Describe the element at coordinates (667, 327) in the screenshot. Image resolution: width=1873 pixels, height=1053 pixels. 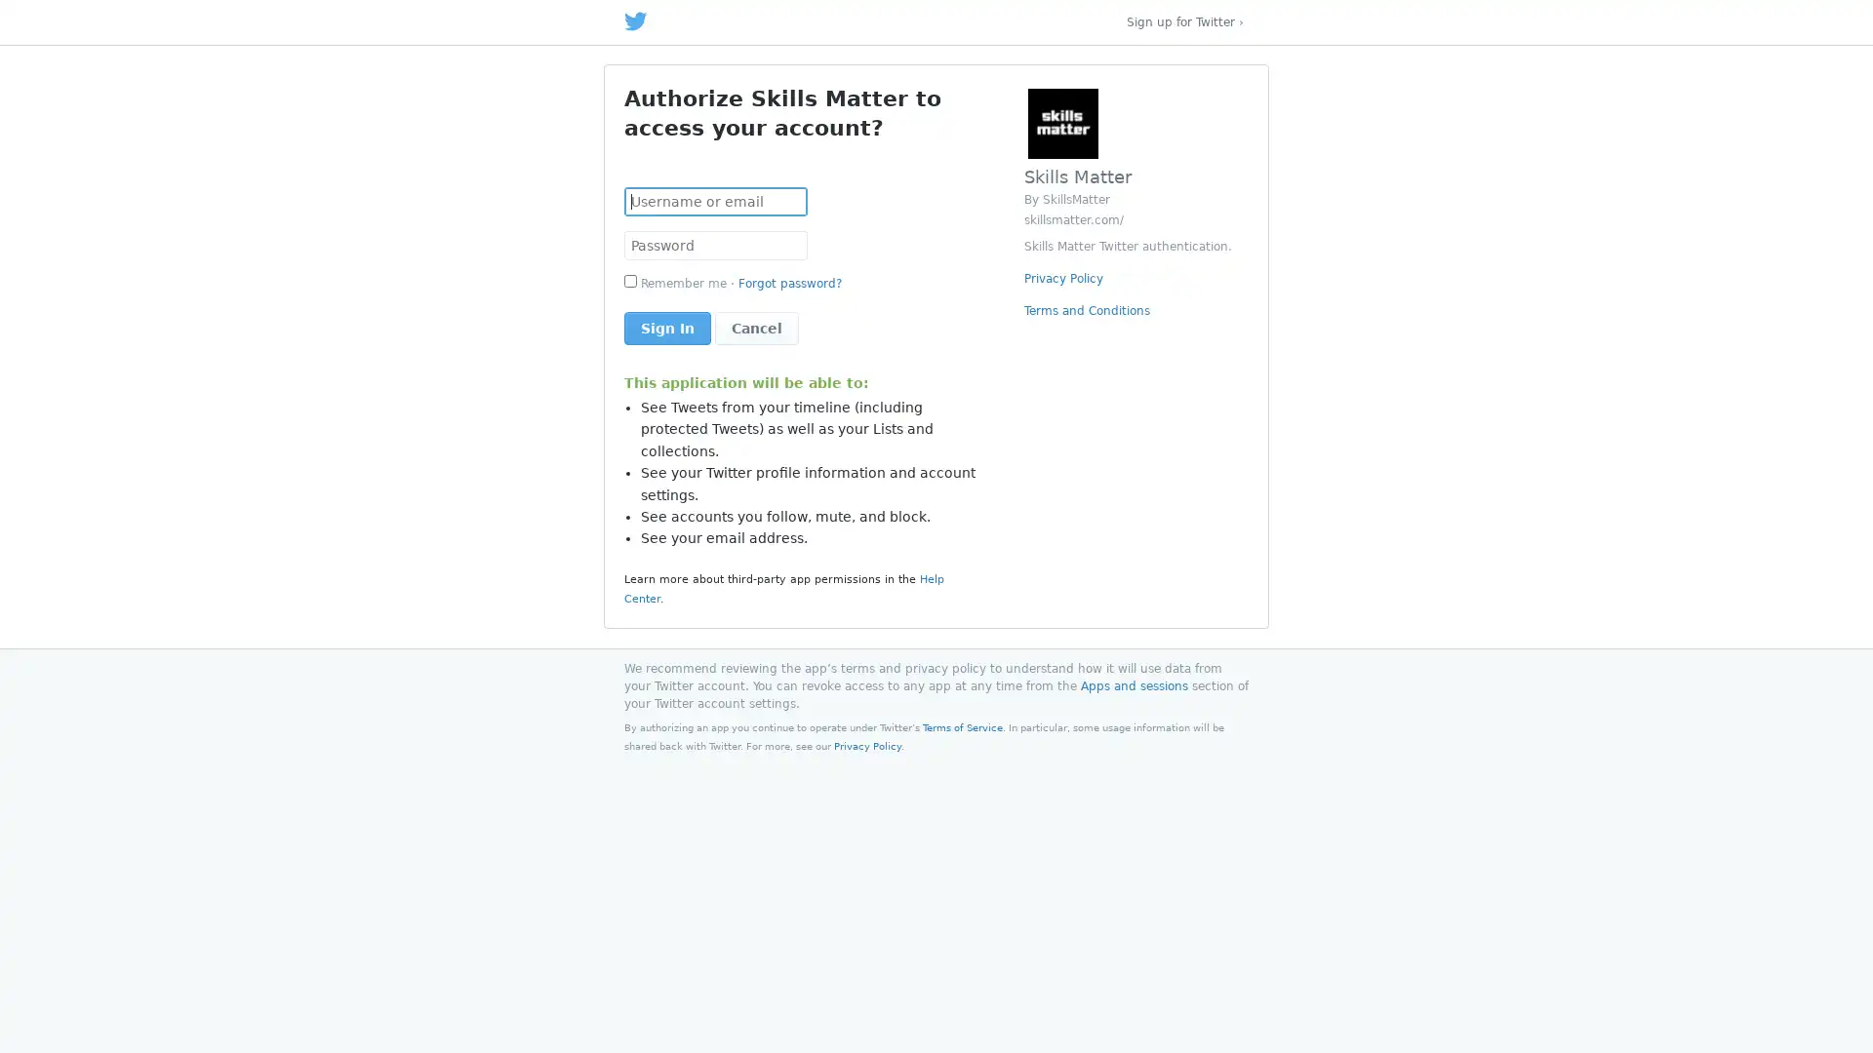
I see `Sign In` at that location.